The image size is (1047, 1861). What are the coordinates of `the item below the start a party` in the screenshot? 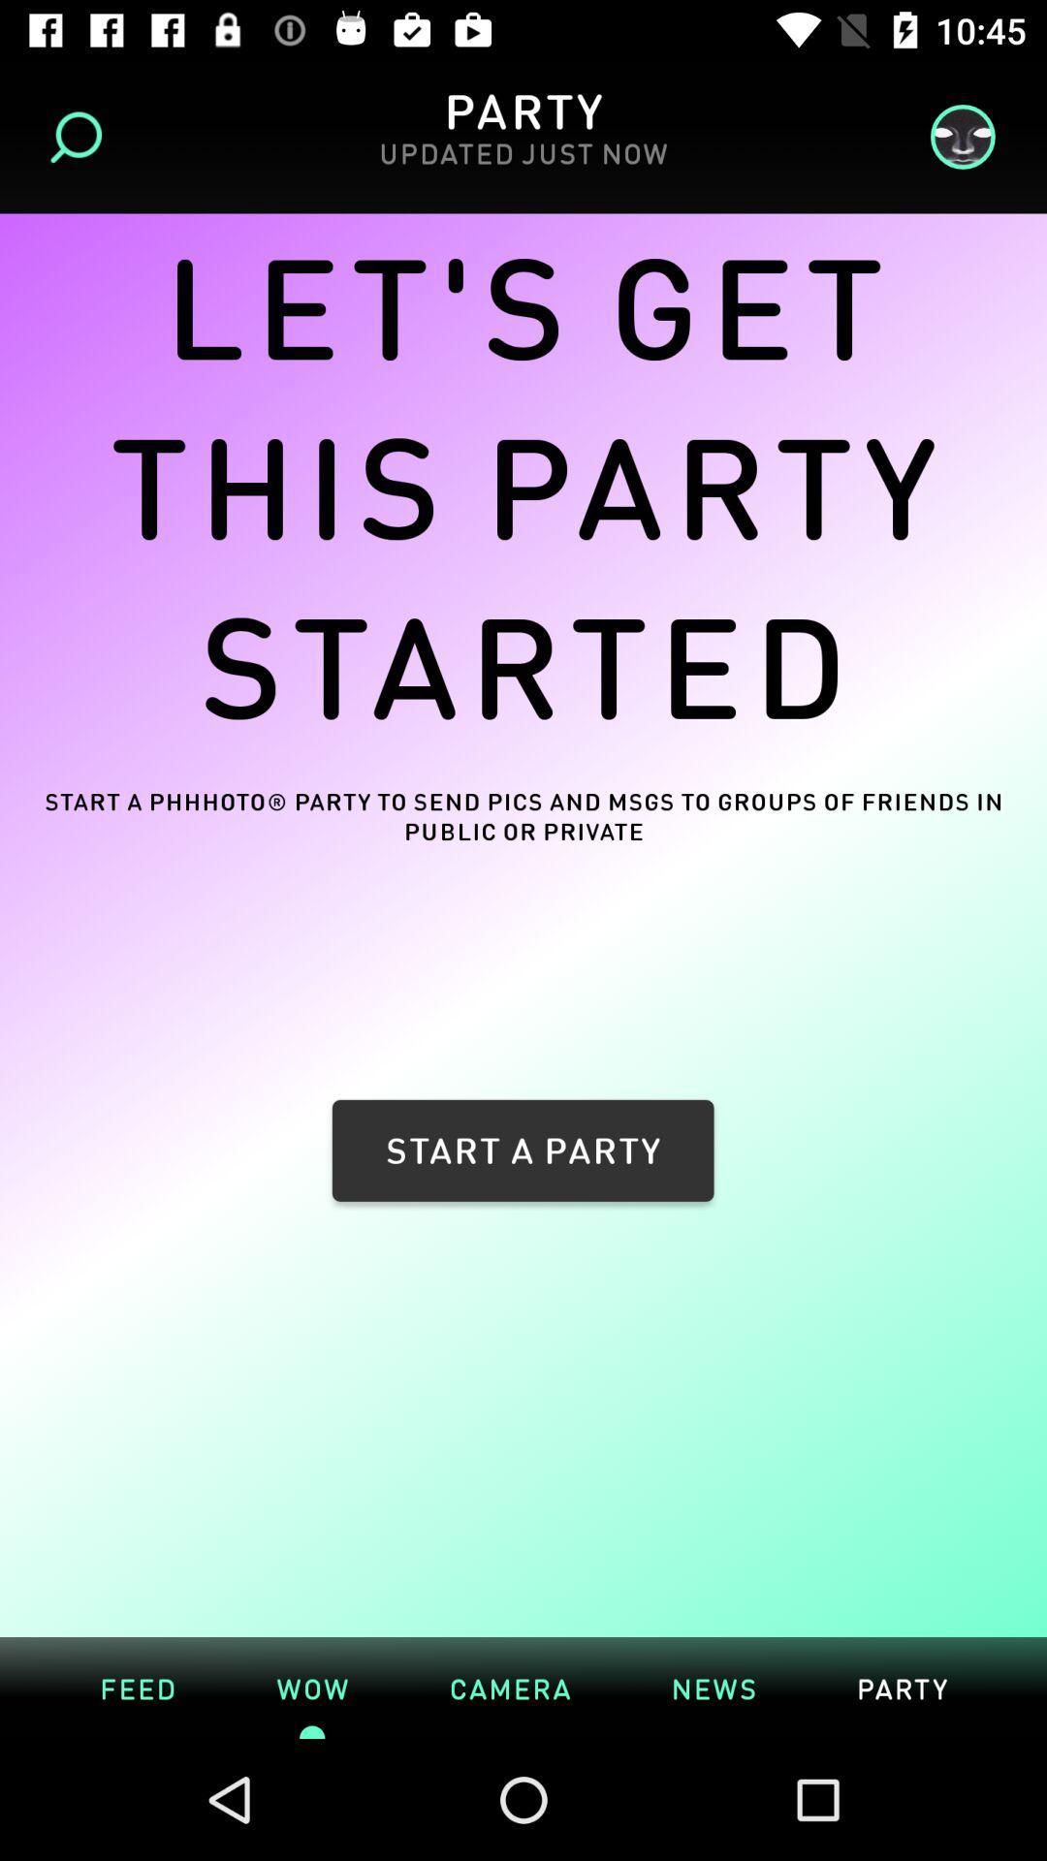 It's located at (714, 1687).